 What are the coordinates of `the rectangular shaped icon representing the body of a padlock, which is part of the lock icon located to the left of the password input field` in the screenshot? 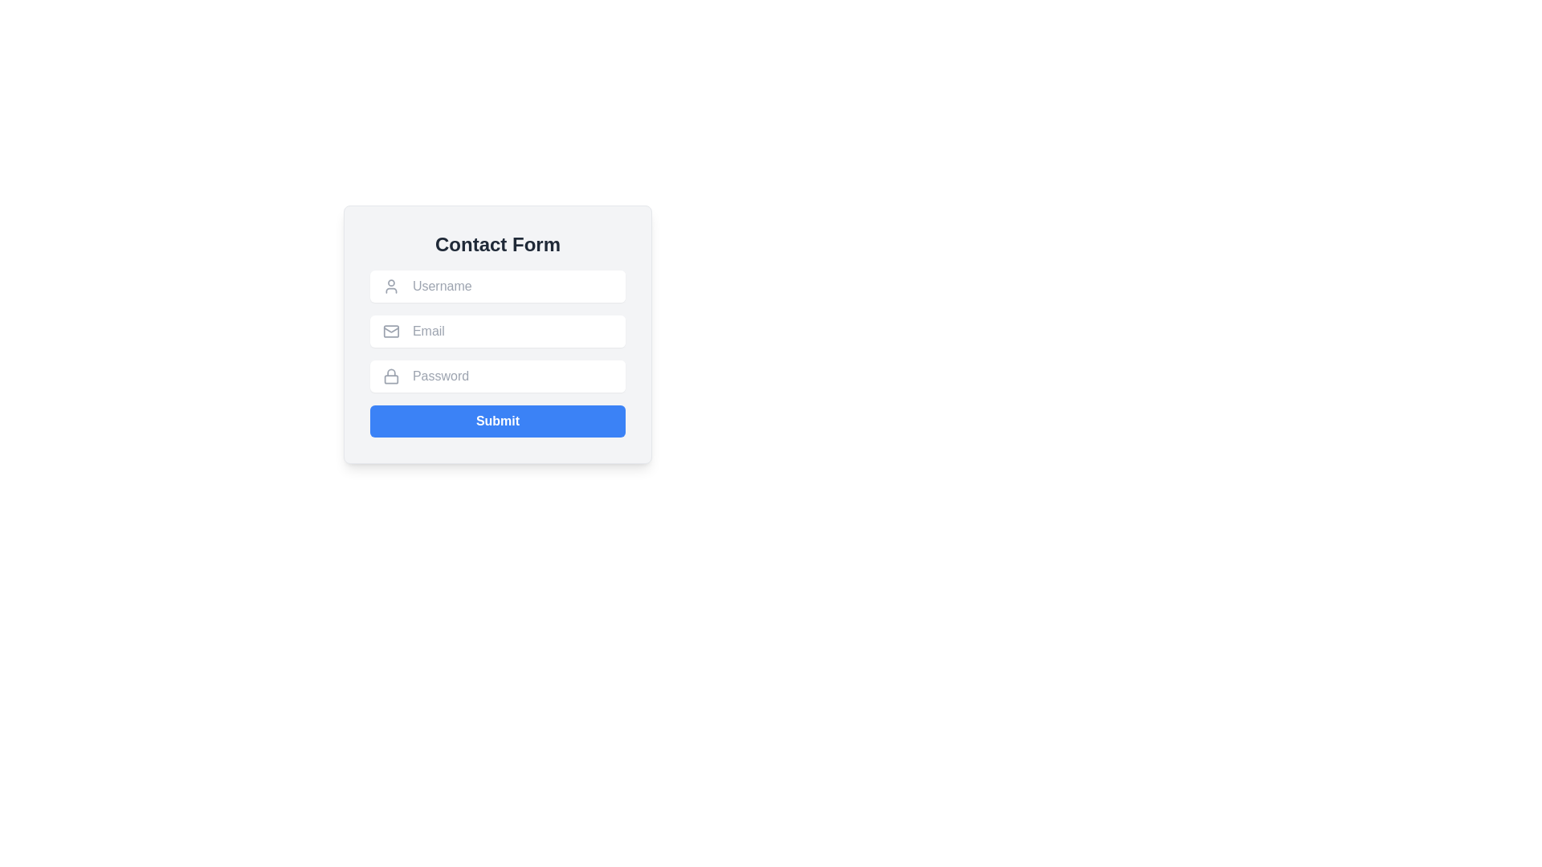 It's located at (391, 379).